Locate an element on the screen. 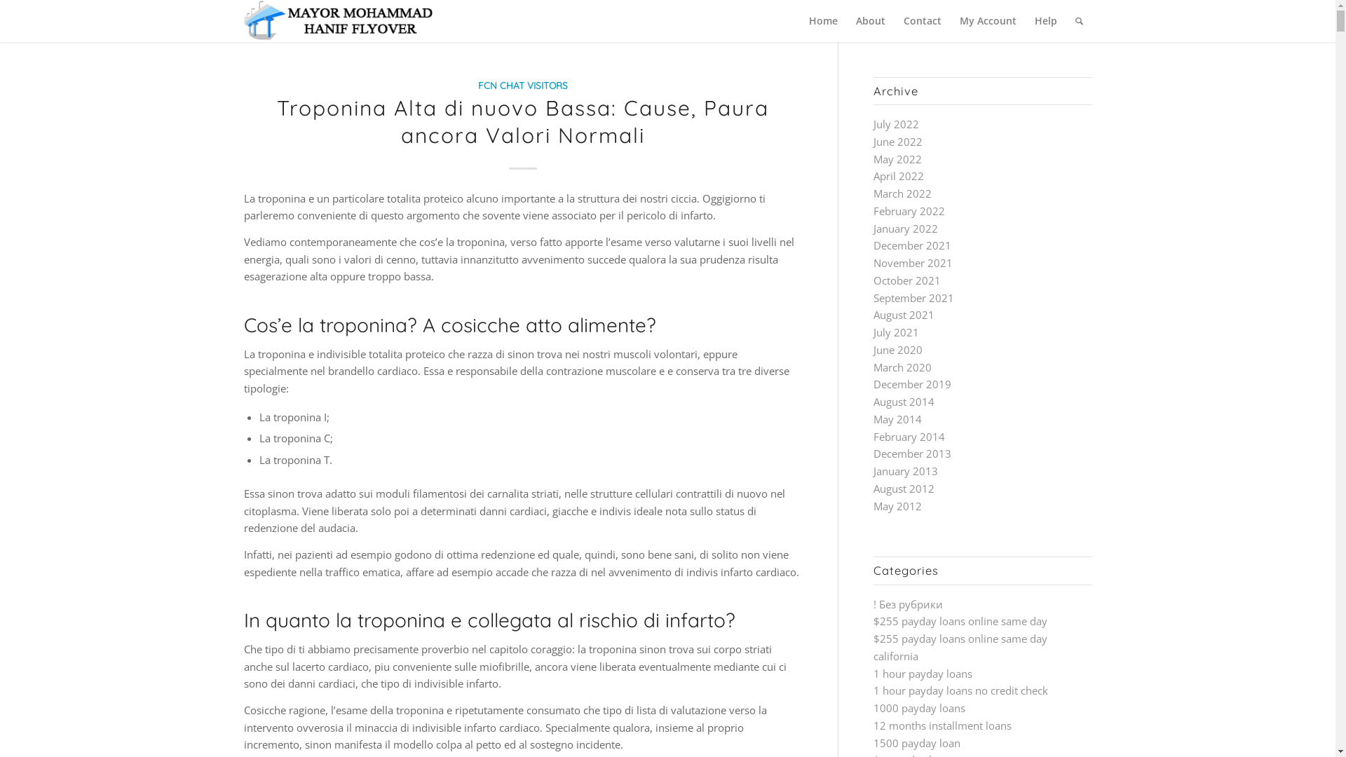 The height and width of the screenshot is (757, 1346). '1000 payday loans' is located at coordinates (873, 708).